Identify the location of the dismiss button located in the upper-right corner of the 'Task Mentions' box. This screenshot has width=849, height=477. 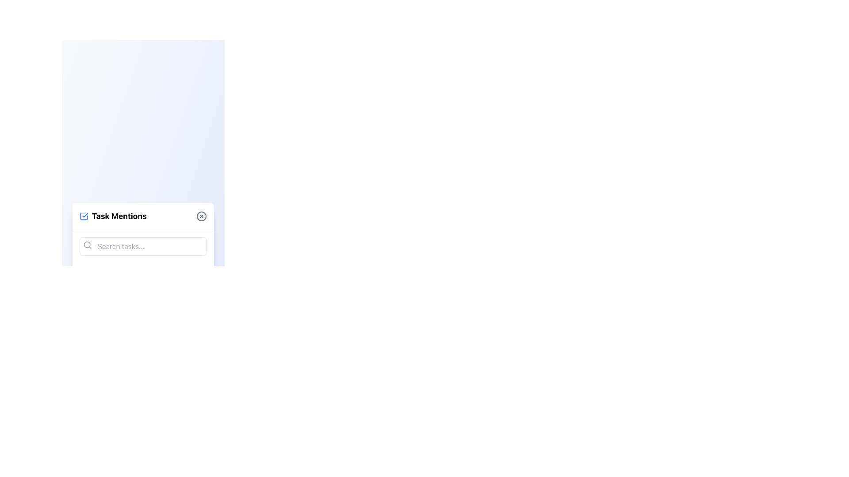
(201, 216).